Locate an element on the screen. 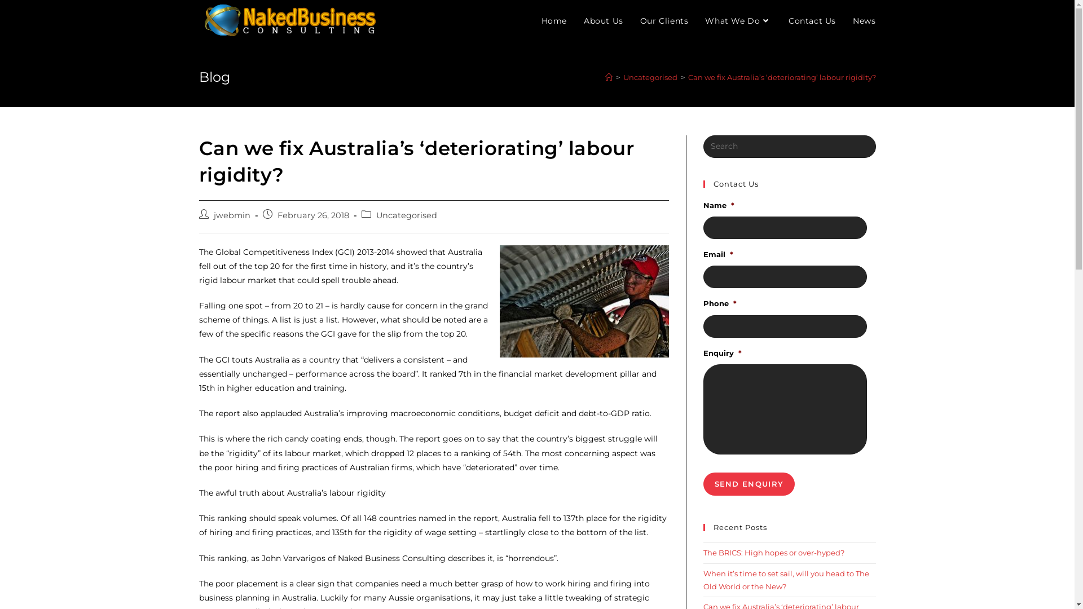  'Uncategorised' is located at coordinates (650, 77).